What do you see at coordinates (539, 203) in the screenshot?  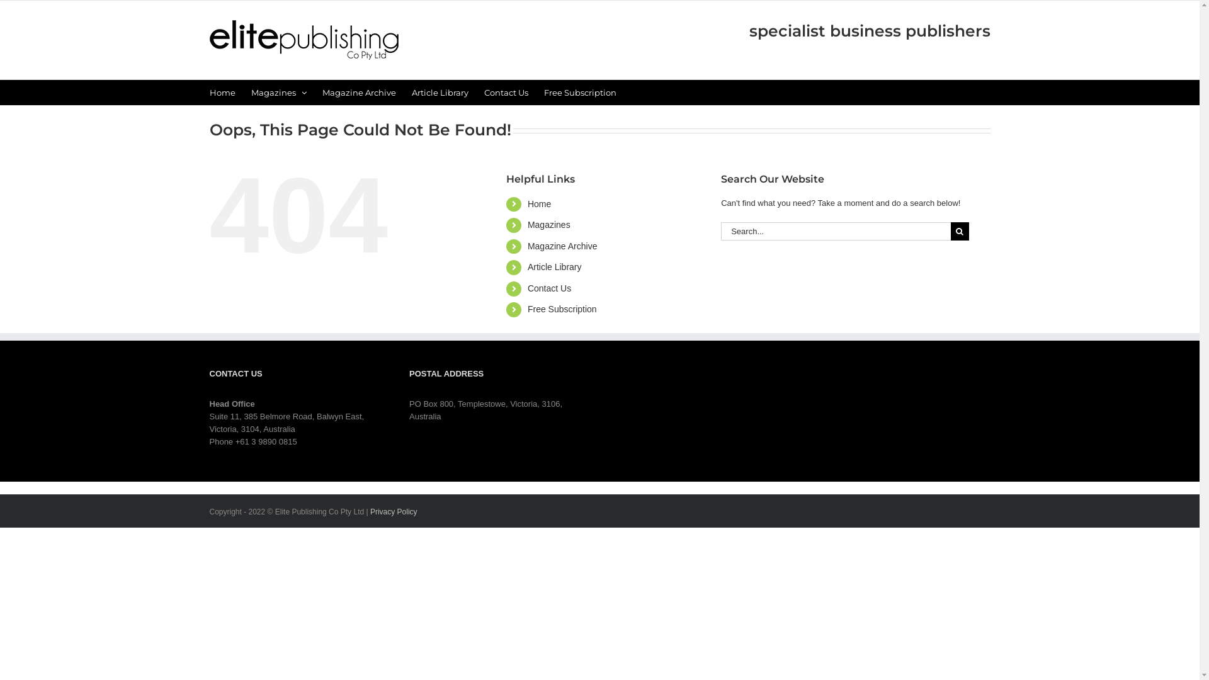 I see `'Home'` at bounding box center [539, 203].